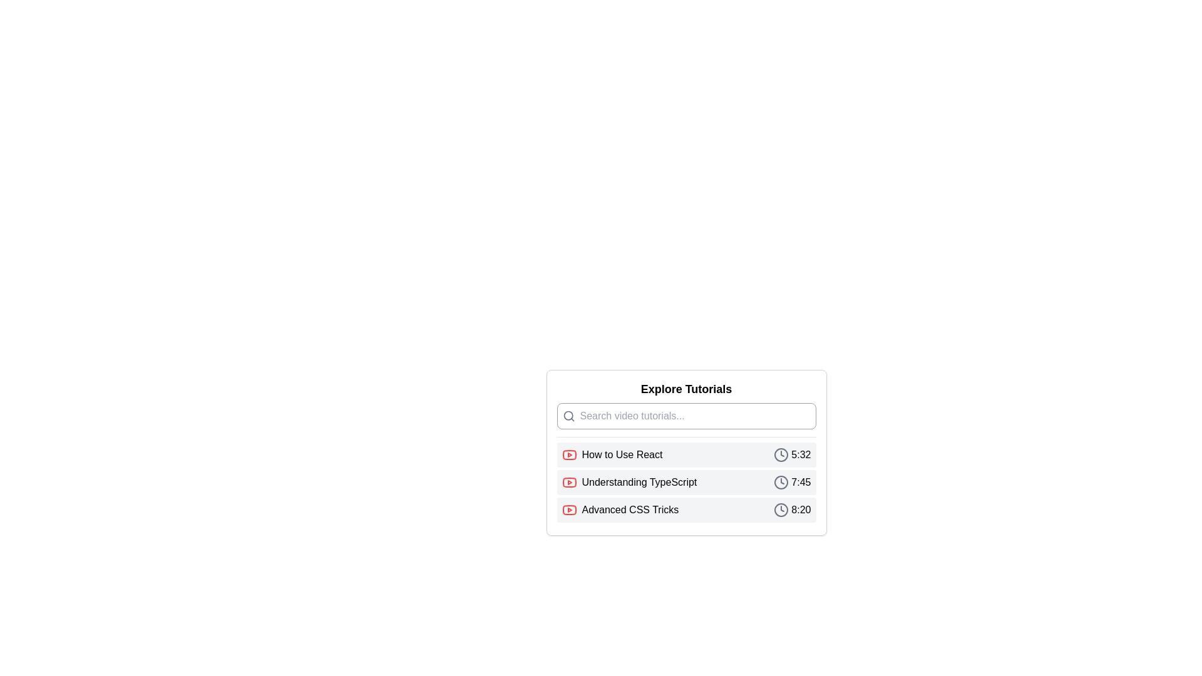 Image resolution: width=1202 pixels, height=676 pixels. What do you see at coordinates (686, 483) in the screenshot?
I see `a tutorial item within the modal titled 'Explore Tutorials'` at bounding box center [686, 483].